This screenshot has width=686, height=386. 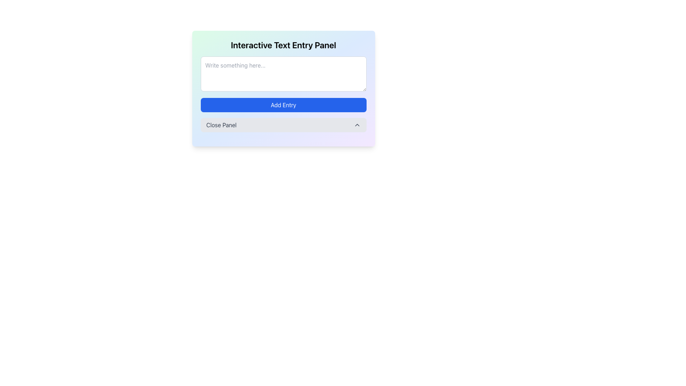 I want to click on the blue rectangular button labeled 'Add Entry' to observe the hover effect, so click(x=283, y=105).